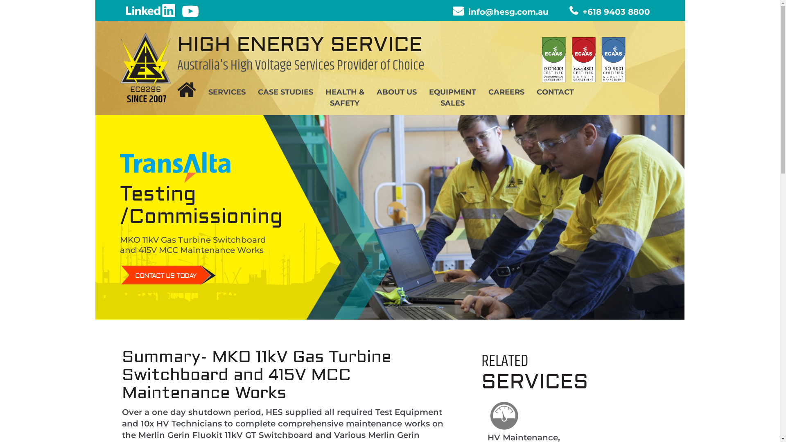 Image resolution: width=786 pixels, height=442 pixels. Describe the element at coordinates (506, 92) in the screenshot. I see `'CAREERS'` at that location.